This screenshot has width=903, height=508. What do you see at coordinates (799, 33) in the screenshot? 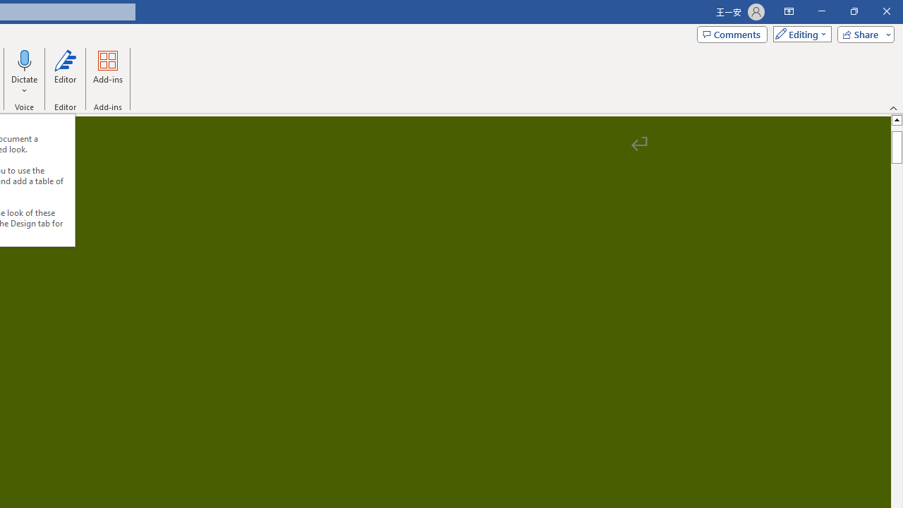
I see `'Mode'` at bounding box center [799, 33].